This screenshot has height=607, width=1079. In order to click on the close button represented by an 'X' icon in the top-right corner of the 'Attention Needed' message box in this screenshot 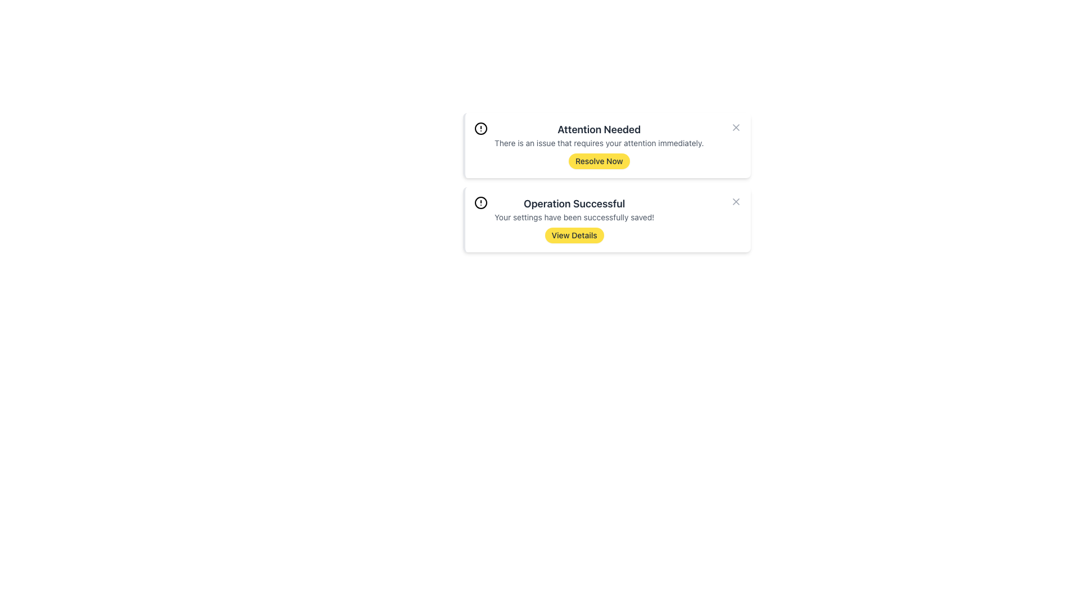, I will do `click(736, 127)`.